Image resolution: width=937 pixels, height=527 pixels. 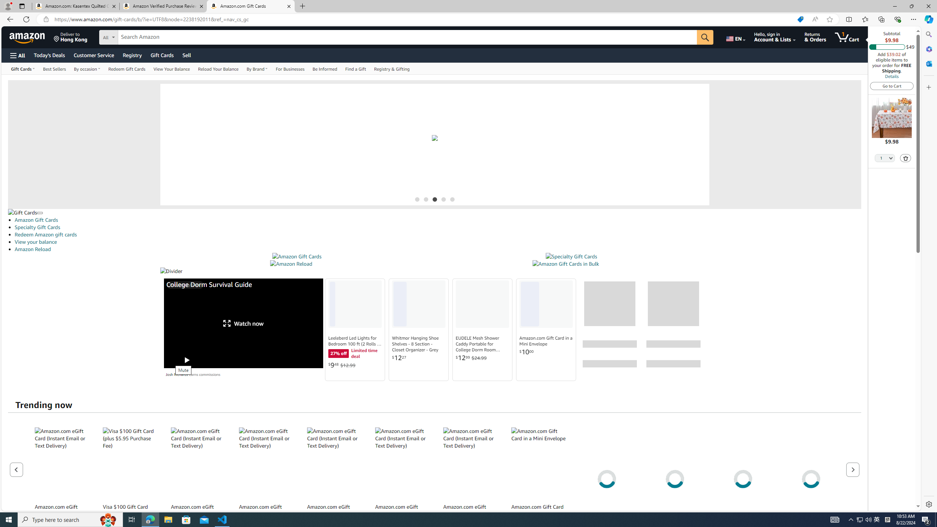 I want to click on 'Registry', so click(x=131, y=55).